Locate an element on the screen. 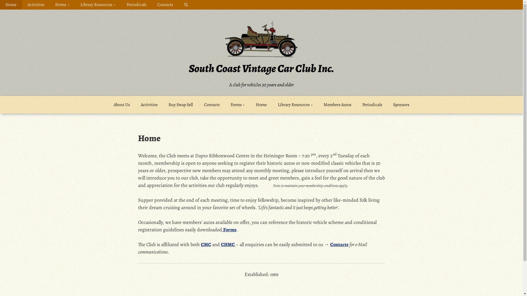 This screenshot has height=296, width=527. ' Forms' is located at coordinates (229, 229).